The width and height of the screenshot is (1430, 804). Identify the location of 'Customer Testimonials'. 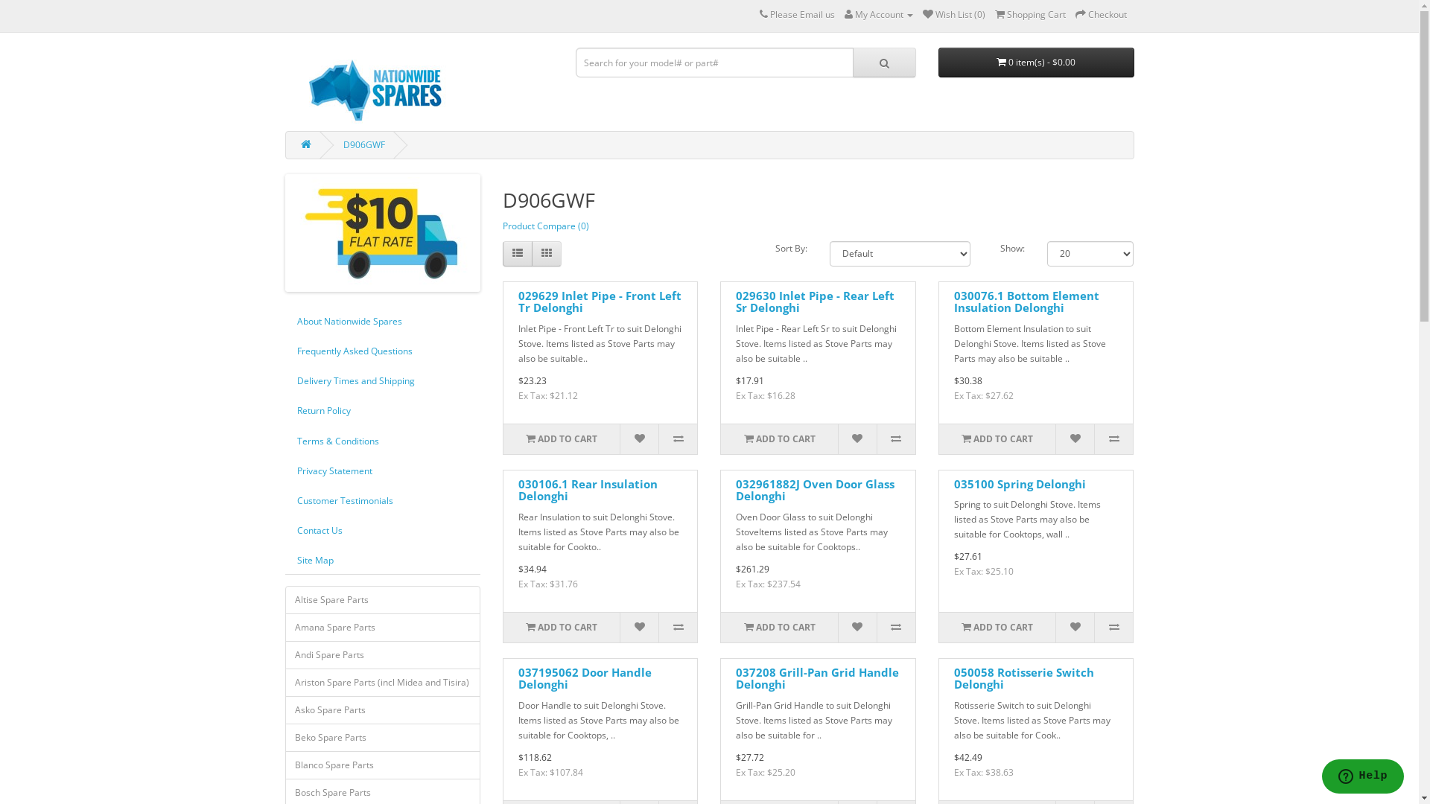
(381, 500).